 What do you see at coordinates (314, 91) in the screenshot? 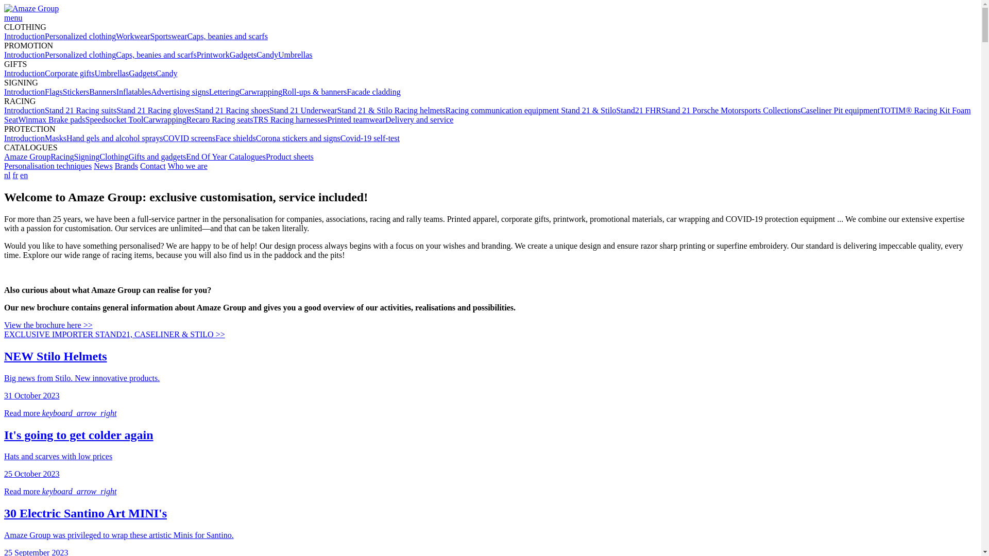
I see `'Roll-ups & banners'` at bounding box center [314, 91].